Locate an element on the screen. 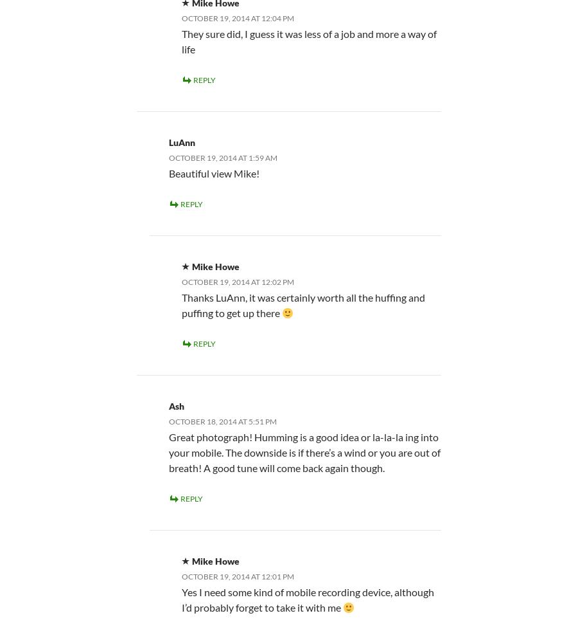 The width and height of the screenshot is (578, 629). 'Thanks LuAnn, it was certainly worth all the huffing and puffing to get up there' is located at coordinates (302, 304).